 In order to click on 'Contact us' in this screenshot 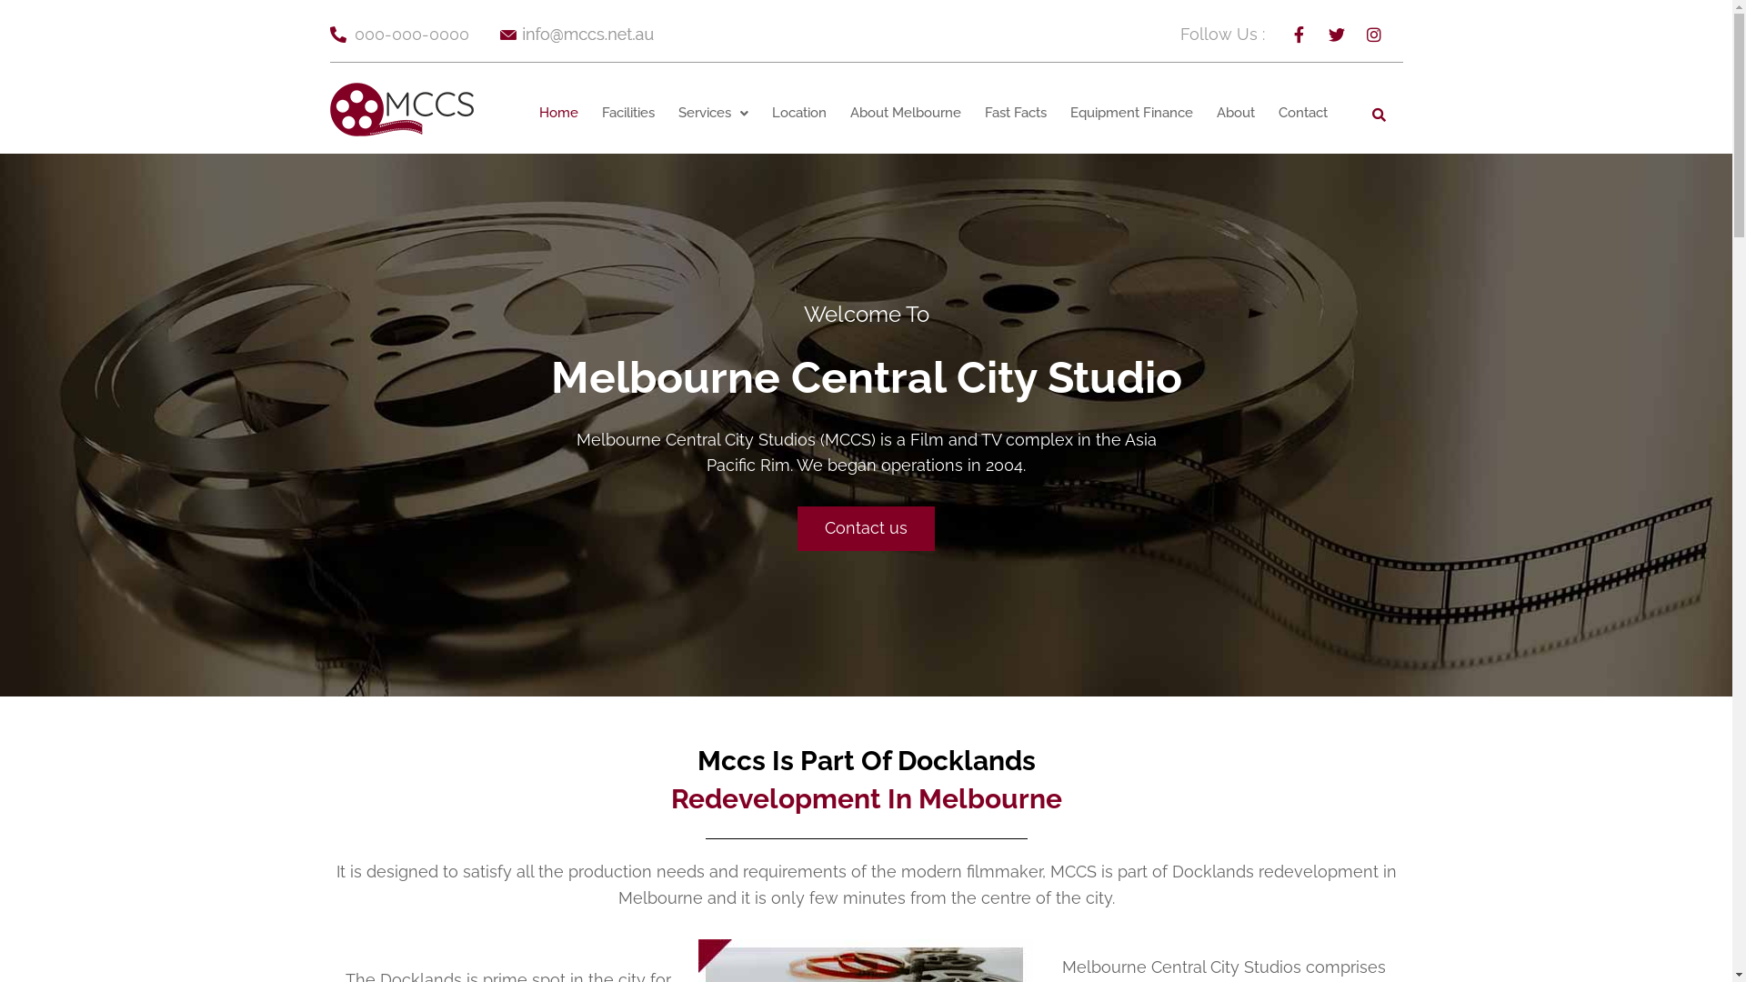, I will do `click(865, 528)`.